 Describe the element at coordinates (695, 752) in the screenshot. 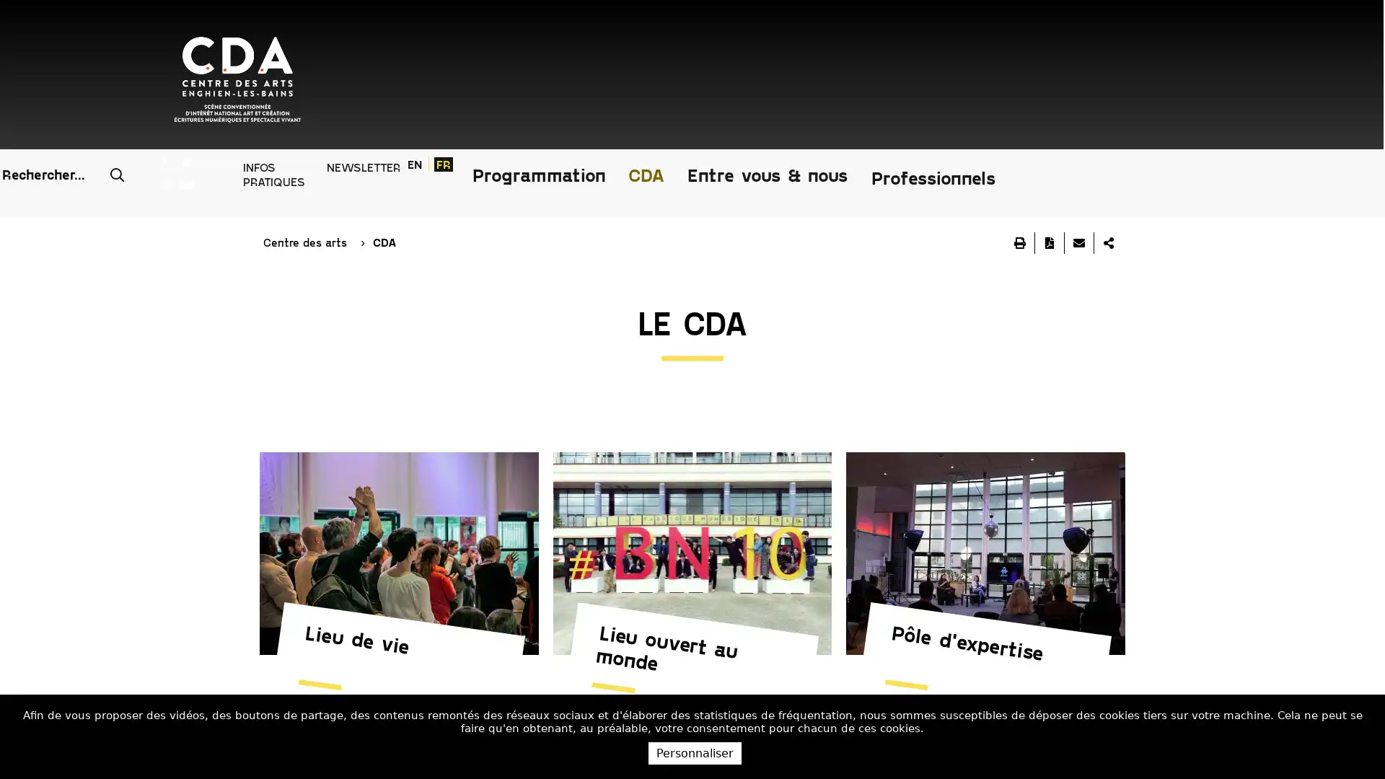

I see `Personnaliser` at that location.